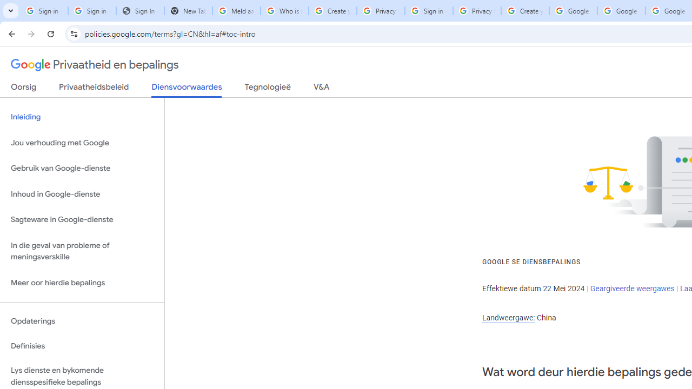 This screenshot has width=692, height=389. Describe the element at coordinates (82, 346) in the screenshot. I see `'Definisies'` at that location.